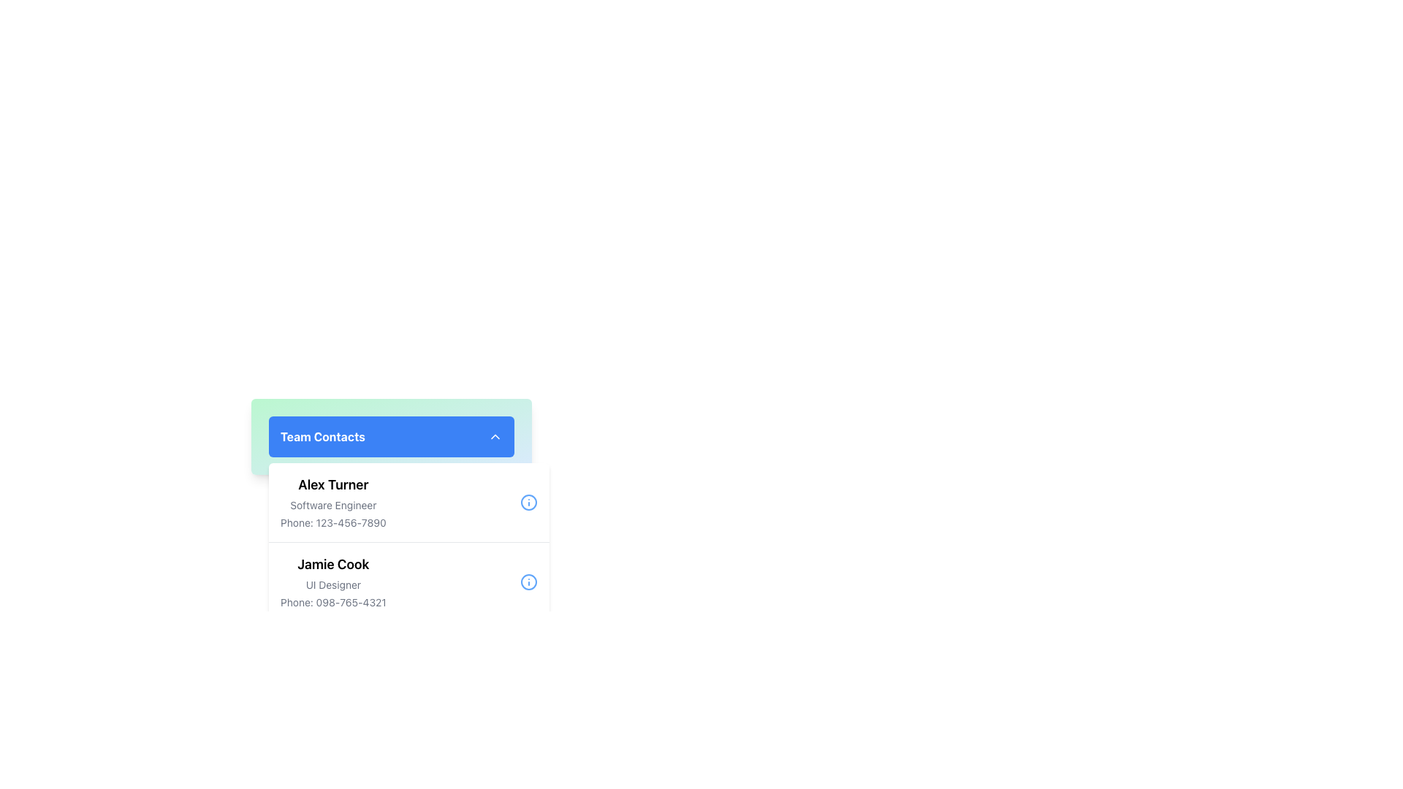 This screenshot has width=1403, height=789. What do you see at coordinates (332, 501) in the screenshot?
I see `contact information displayed in the top text block of the 'Team Contacts' section, which contains the user's name, job title, and phone number` at bounding box center [332, 501].